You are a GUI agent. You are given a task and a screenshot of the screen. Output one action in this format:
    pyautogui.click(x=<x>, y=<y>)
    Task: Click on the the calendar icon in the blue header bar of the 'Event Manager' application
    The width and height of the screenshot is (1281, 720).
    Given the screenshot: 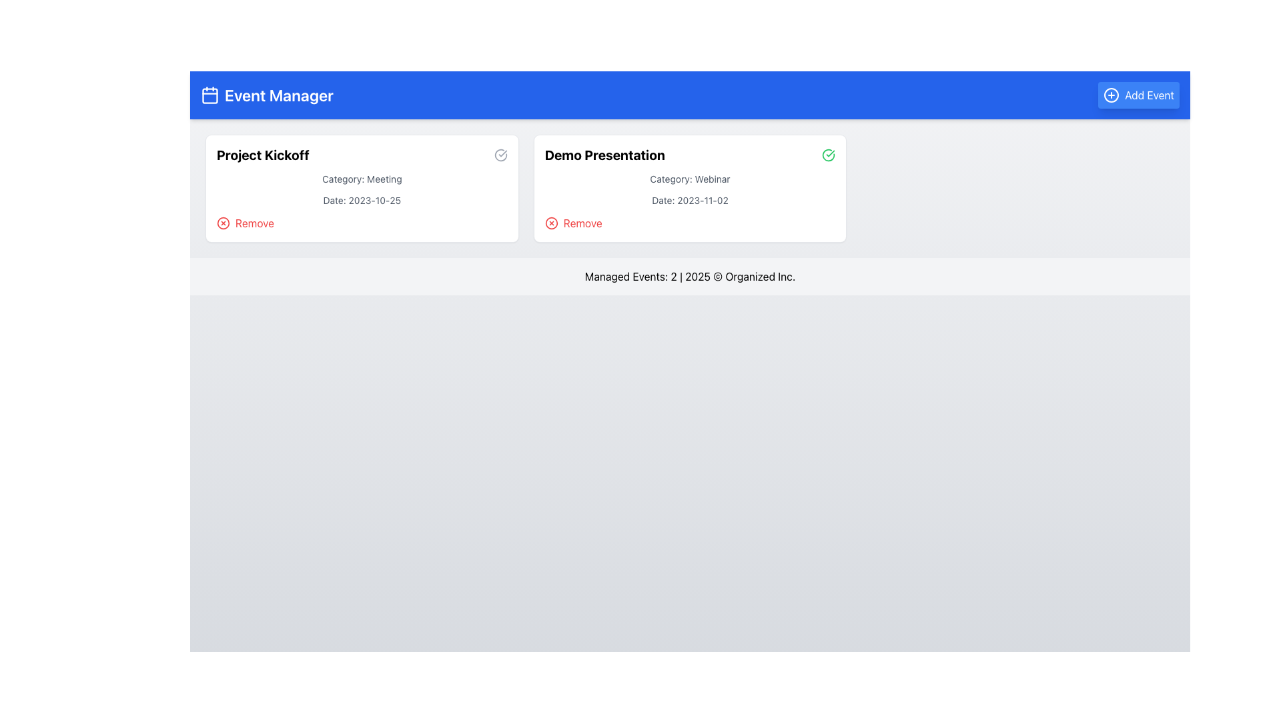 What is the action you would take?
    pyautogui.click(x=209, y=94)
    